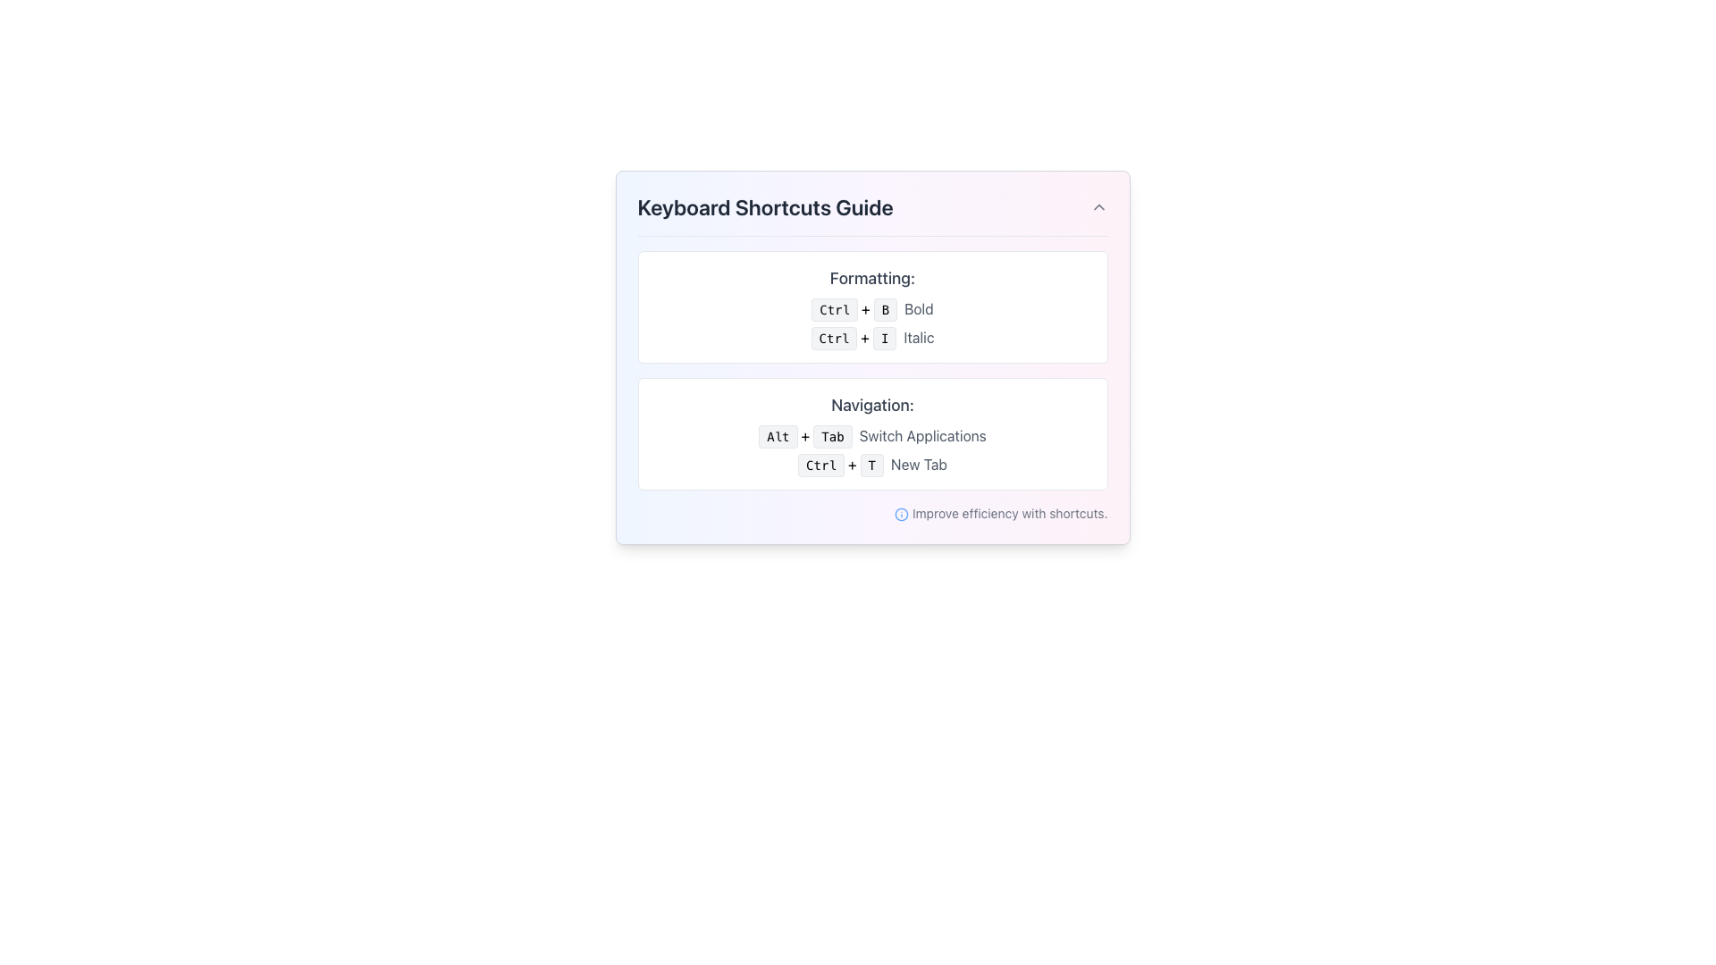  I want to click on displayed text 'I' from the small, rounded text box with a soft gray background and black border, which is part of the keyboard shortcut guide for 'Ctrl+I' under the 'Formatting' section, so click(885, 338).